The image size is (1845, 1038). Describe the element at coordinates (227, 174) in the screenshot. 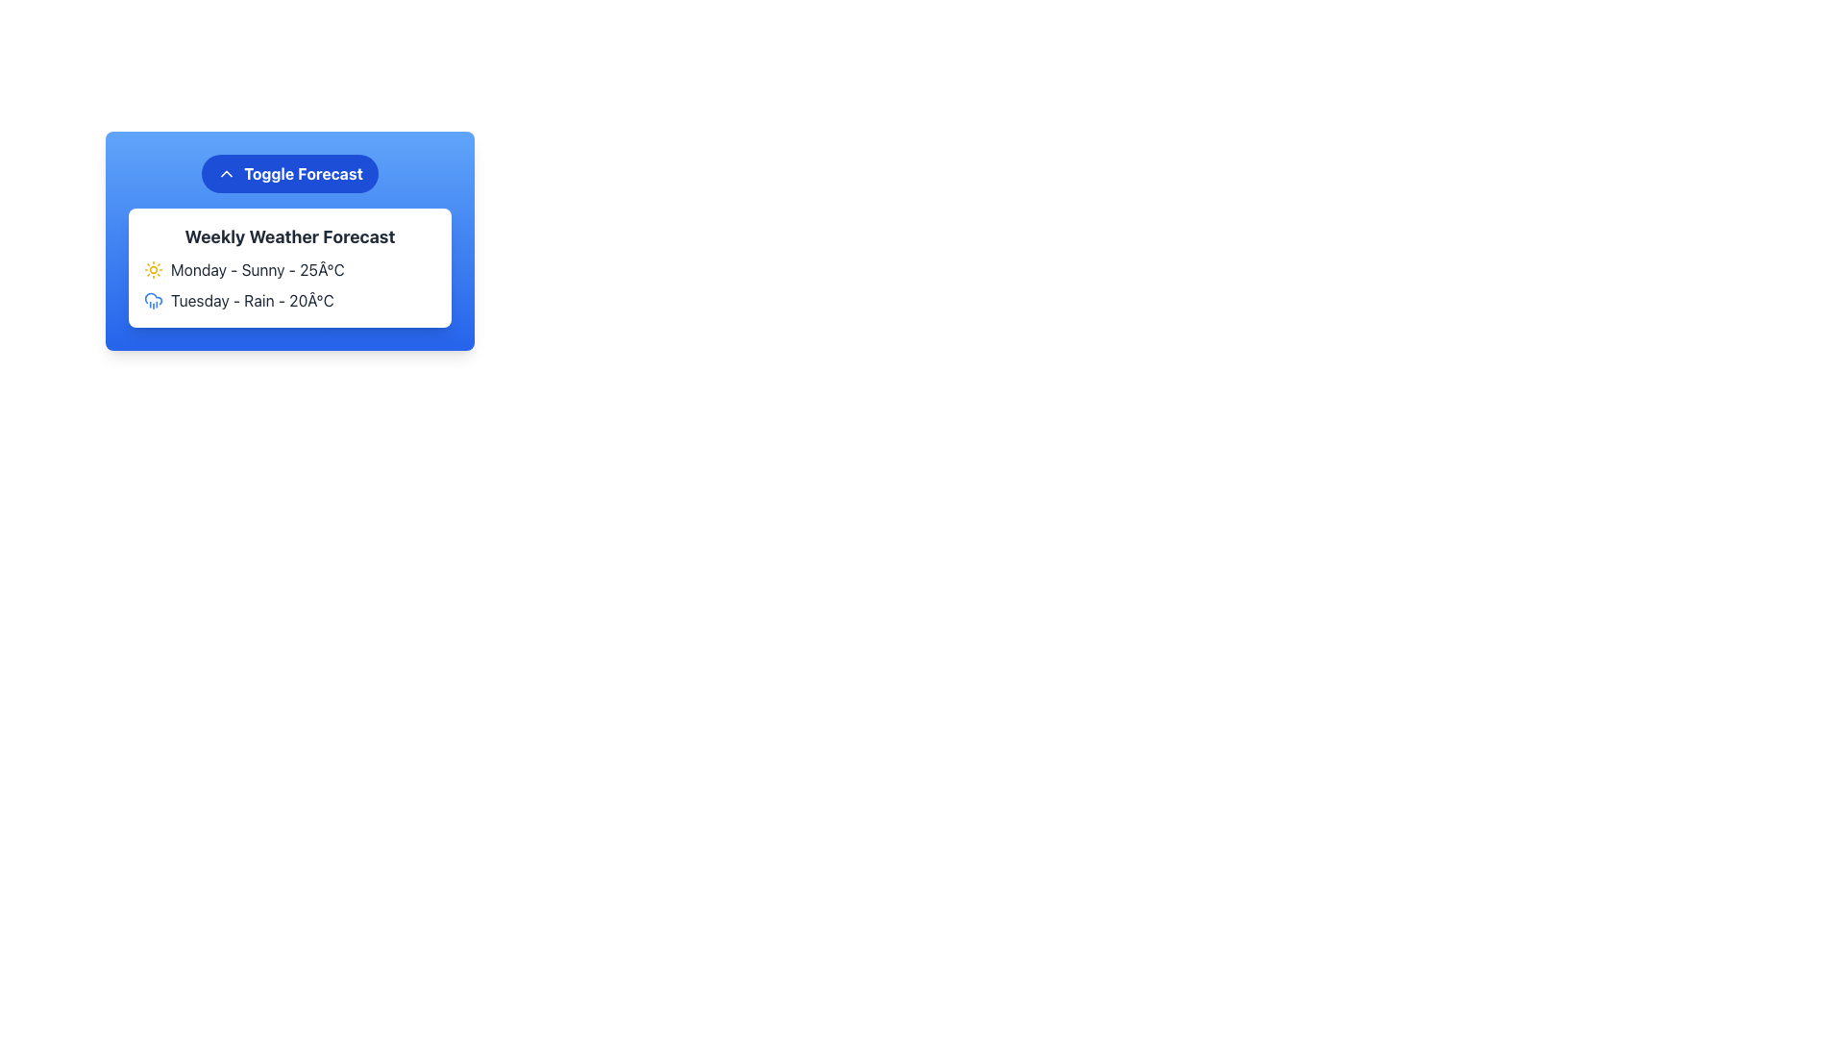

I see `the chevron-up icon located at the leftmost part of the 'Toggle Forecast' button` at that location.